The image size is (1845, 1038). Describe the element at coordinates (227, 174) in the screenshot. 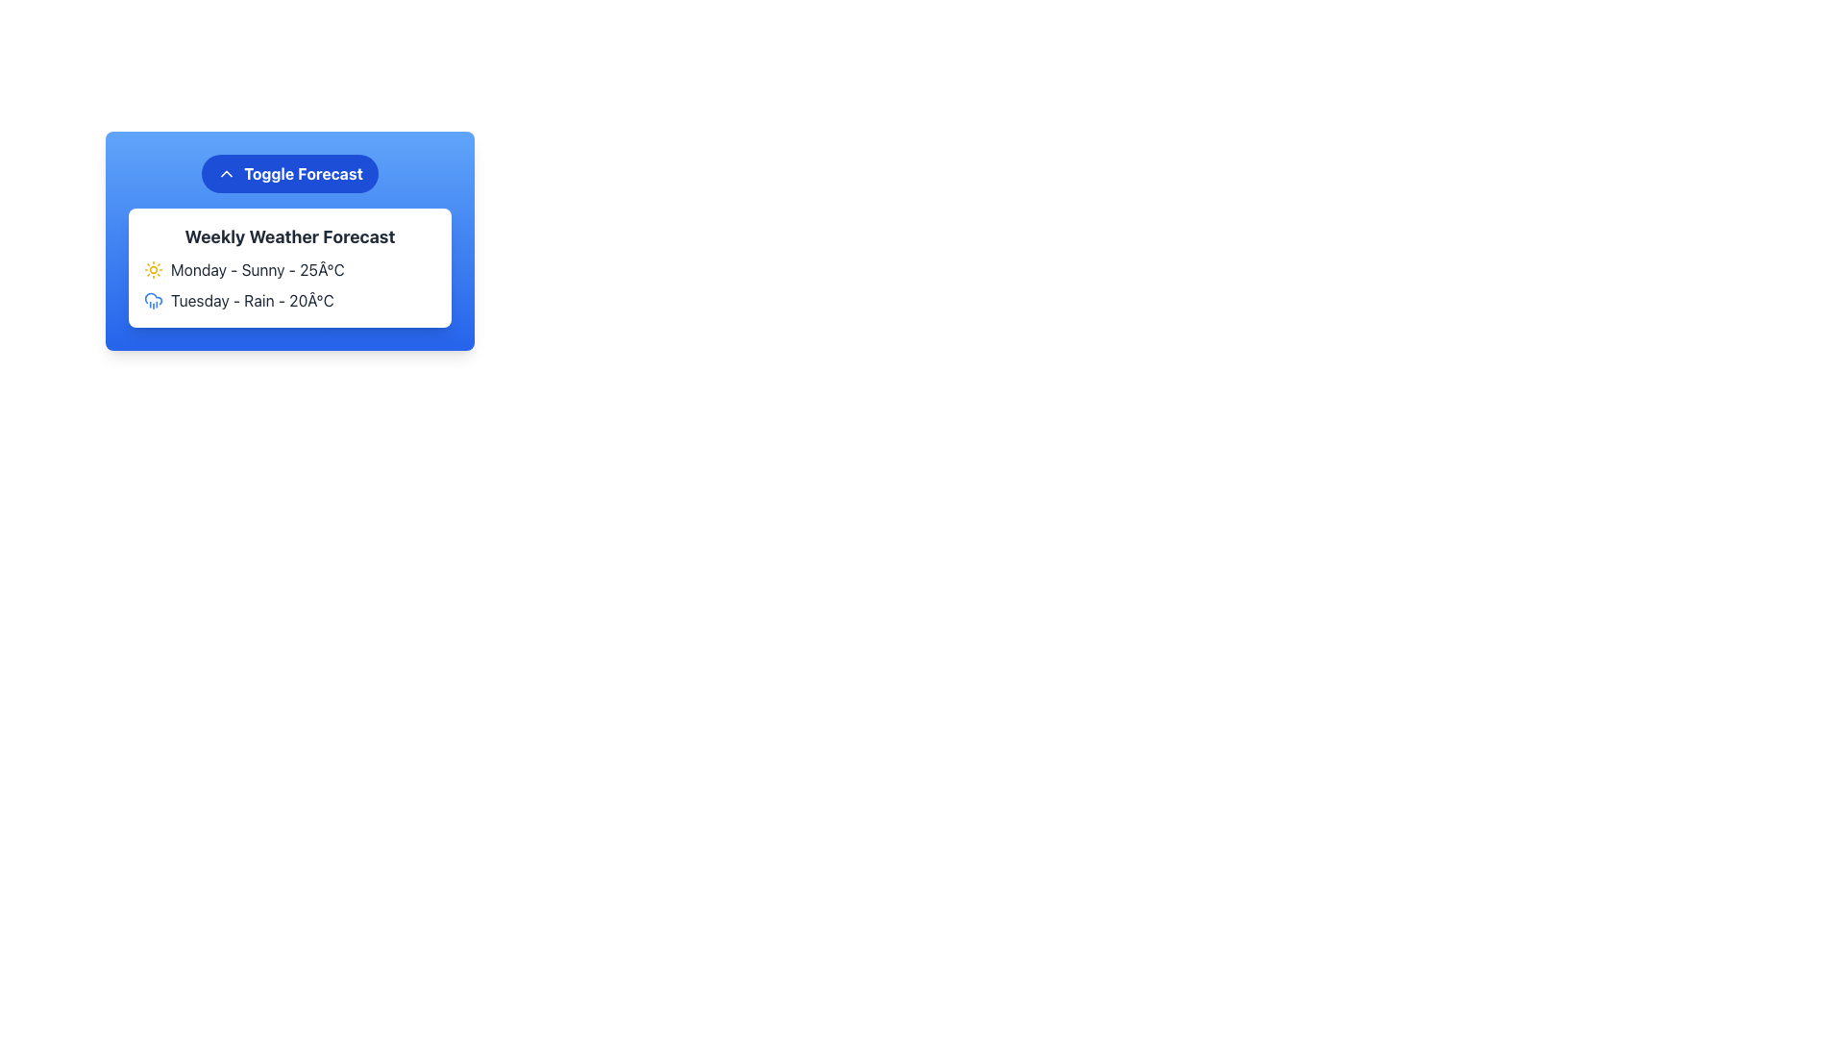

I see `the chevron-up icon located at the leftmost part of the 'Toggle Forecast' button` at that location.